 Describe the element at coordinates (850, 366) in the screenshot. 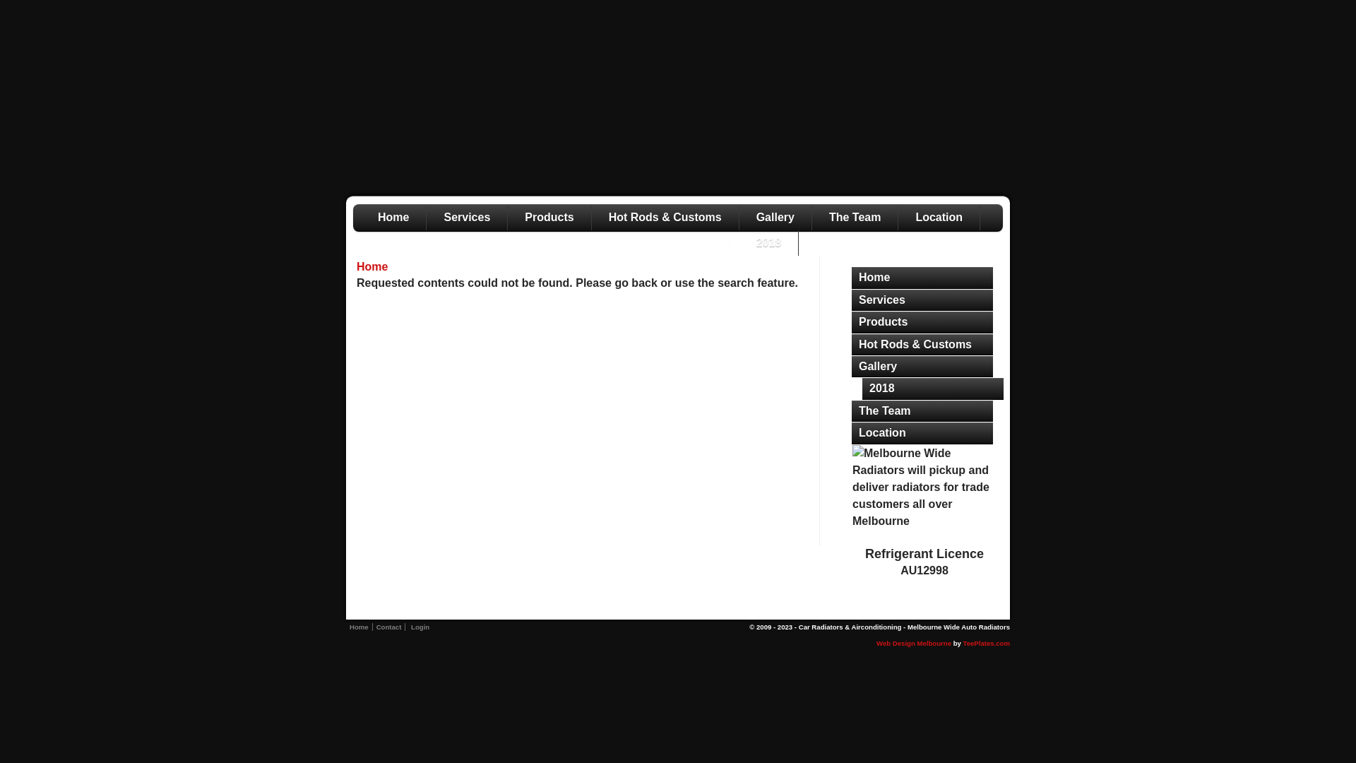

I see `'Gallery'` at that location.